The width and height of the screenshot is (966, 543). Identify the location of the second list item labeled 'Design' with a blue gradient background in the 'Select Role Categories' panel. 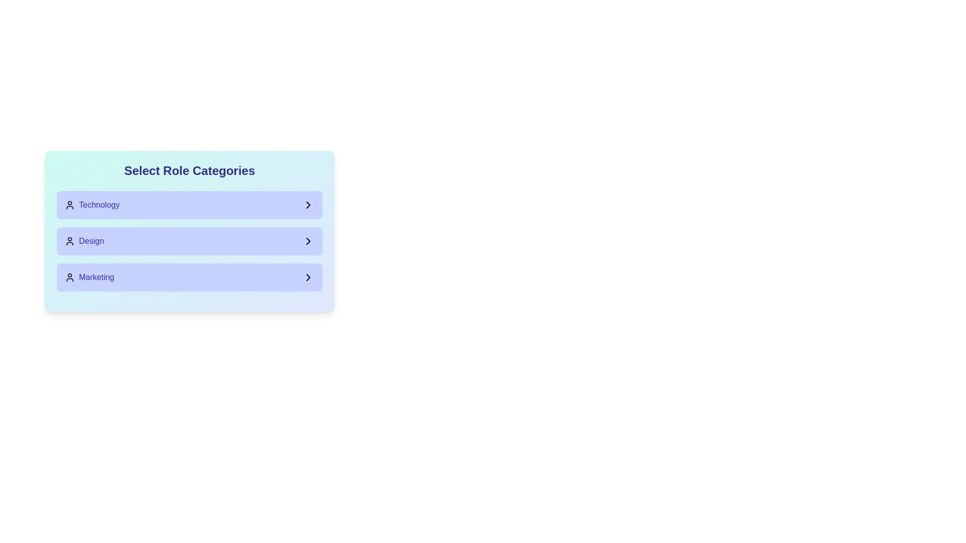
(190, 231).